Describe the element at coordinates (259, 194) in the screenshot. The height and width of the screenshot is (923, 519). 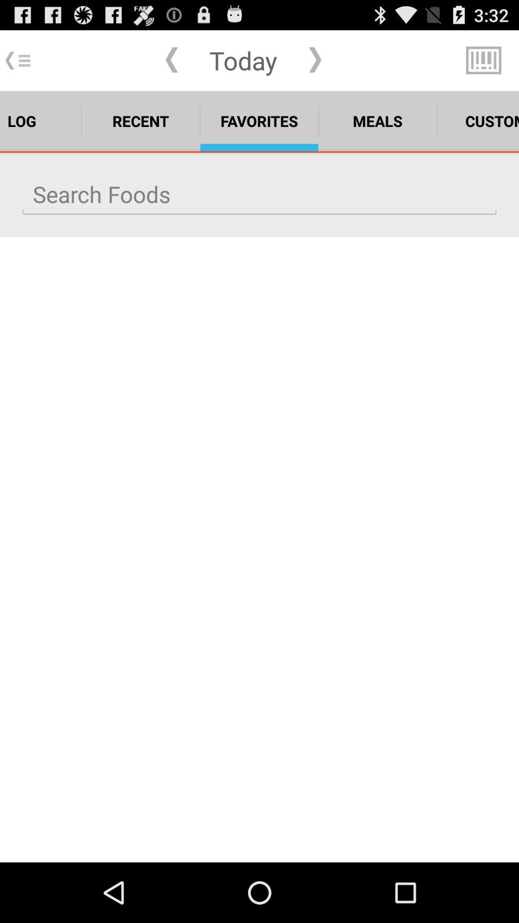
I see `foods search query input` at that location.